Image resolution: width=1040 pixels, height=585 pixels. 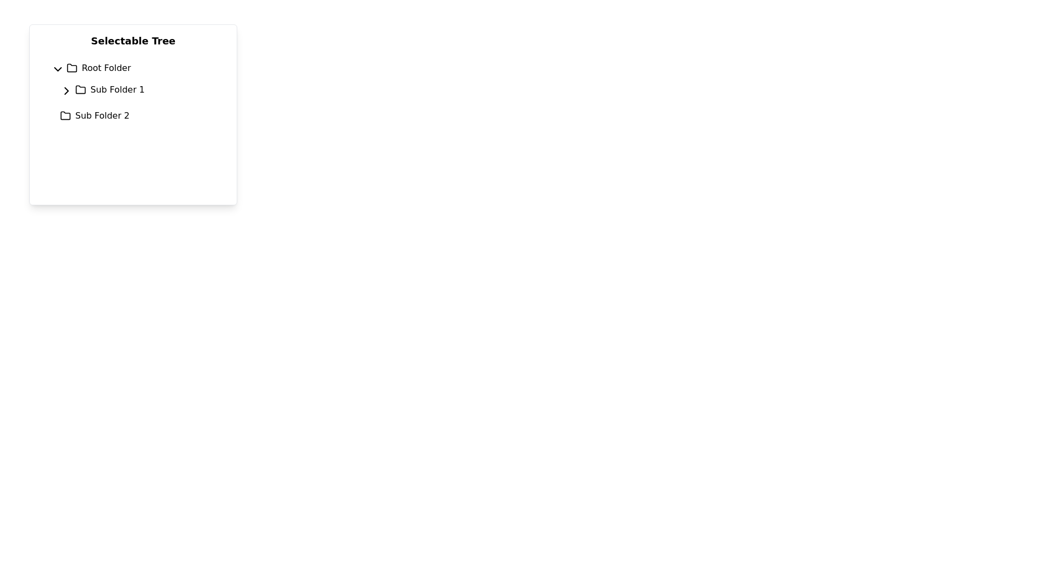 What do you see at coordinates (57, 69) in the screenshot?
I see `the small chevron-down icon located to the left of the text 'Root Folder' in the selectable tree interface` at bounding box center [57, 69].